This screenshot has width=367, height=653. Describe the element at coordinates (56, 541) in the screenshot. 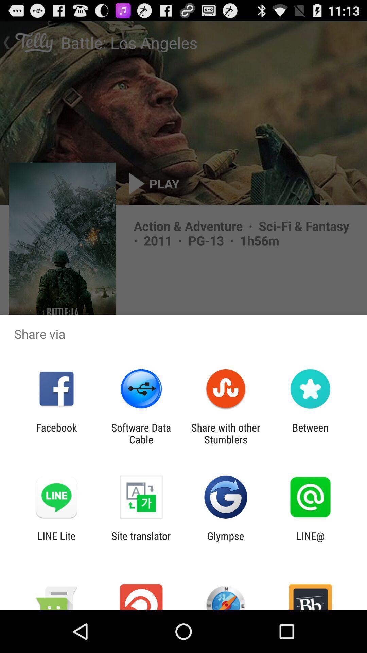

I see `item next to site translator item` at that location.